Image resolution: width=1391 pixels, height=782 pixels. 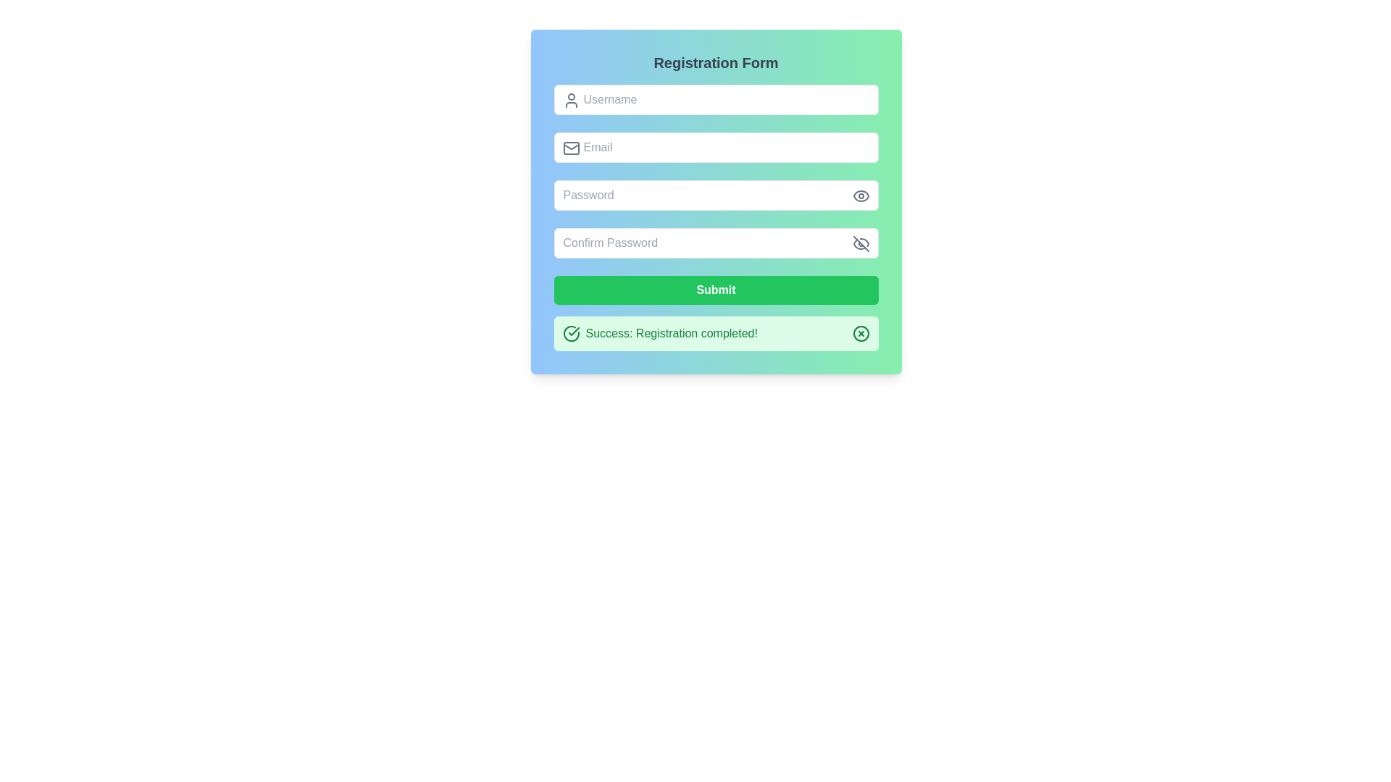 I want to click on the success icon located to the left of the notification message box indicating 'Success: Registration completed!', so click(x=570, y=334).